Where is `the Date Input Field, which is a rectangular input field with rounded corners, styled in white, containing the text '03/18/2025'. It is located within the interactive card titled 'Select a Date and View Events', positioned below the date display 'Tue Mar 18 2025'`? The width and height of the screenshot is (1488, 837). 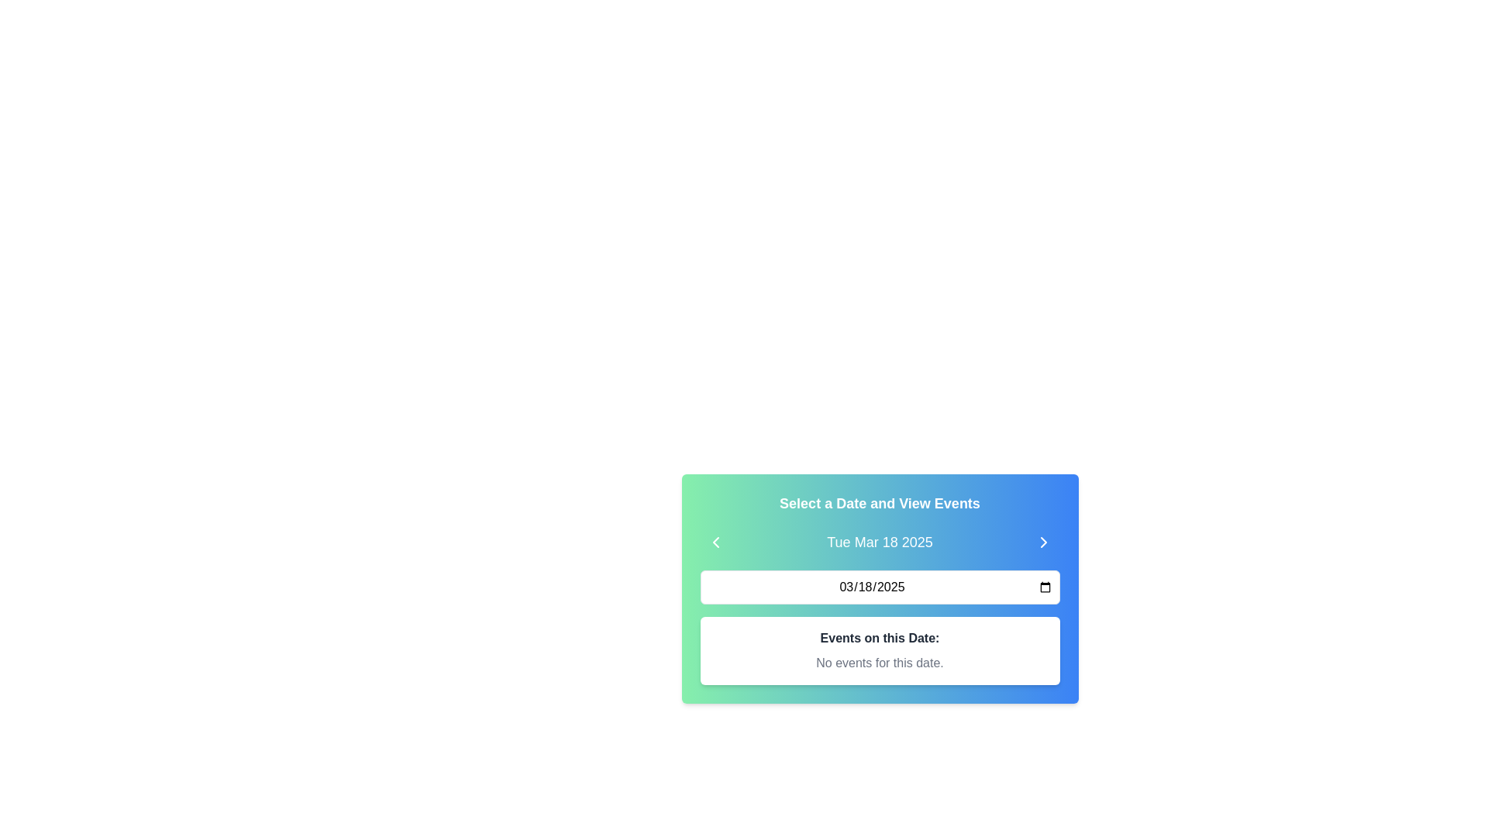 the Date Input Field, which is a rectangular input field with rounded corners, styled in white, containing the text '03/18/2025'. It is located within the interactive card titled 'Select a Date and View Events', positioned below the date display 'Tue Mar 18 2025' is located at coordinates (880, 587).